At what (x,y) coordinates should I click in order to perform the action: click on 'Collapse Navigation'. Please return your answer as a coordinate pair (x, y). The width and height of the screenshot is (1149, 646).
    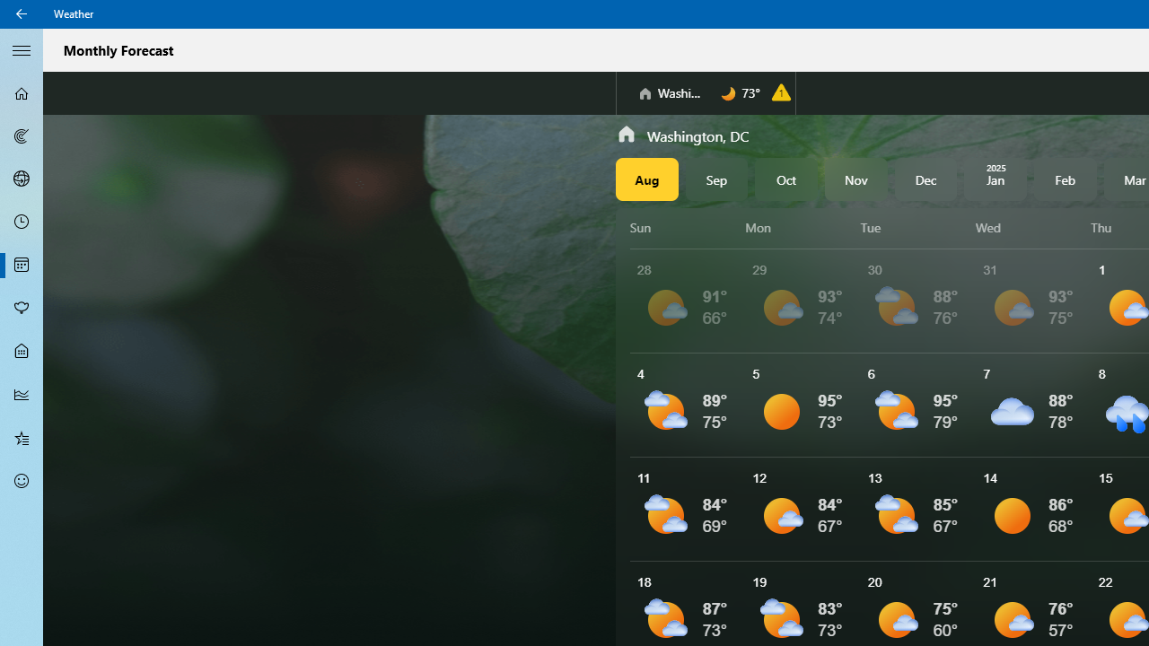
    Looking at the image, I should click on (22, 48).